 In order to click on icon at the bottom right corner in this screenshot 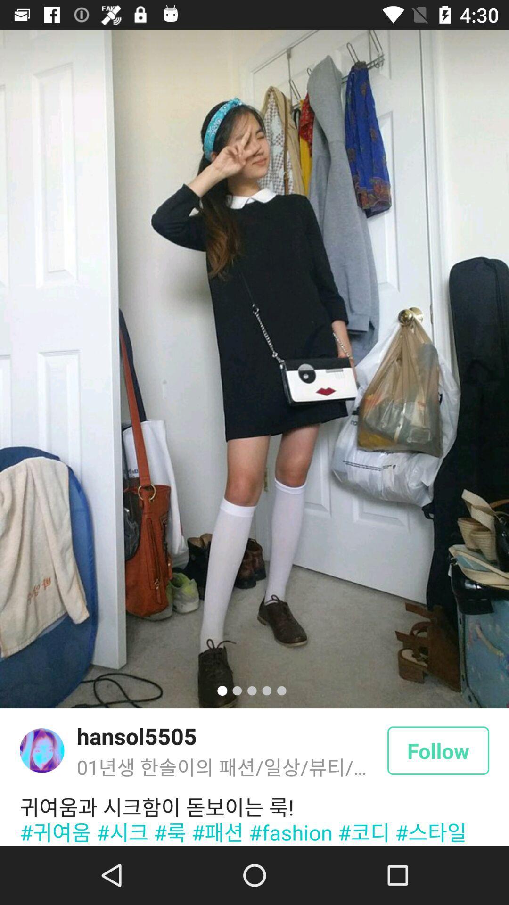, I will do `click(438, 750)`.